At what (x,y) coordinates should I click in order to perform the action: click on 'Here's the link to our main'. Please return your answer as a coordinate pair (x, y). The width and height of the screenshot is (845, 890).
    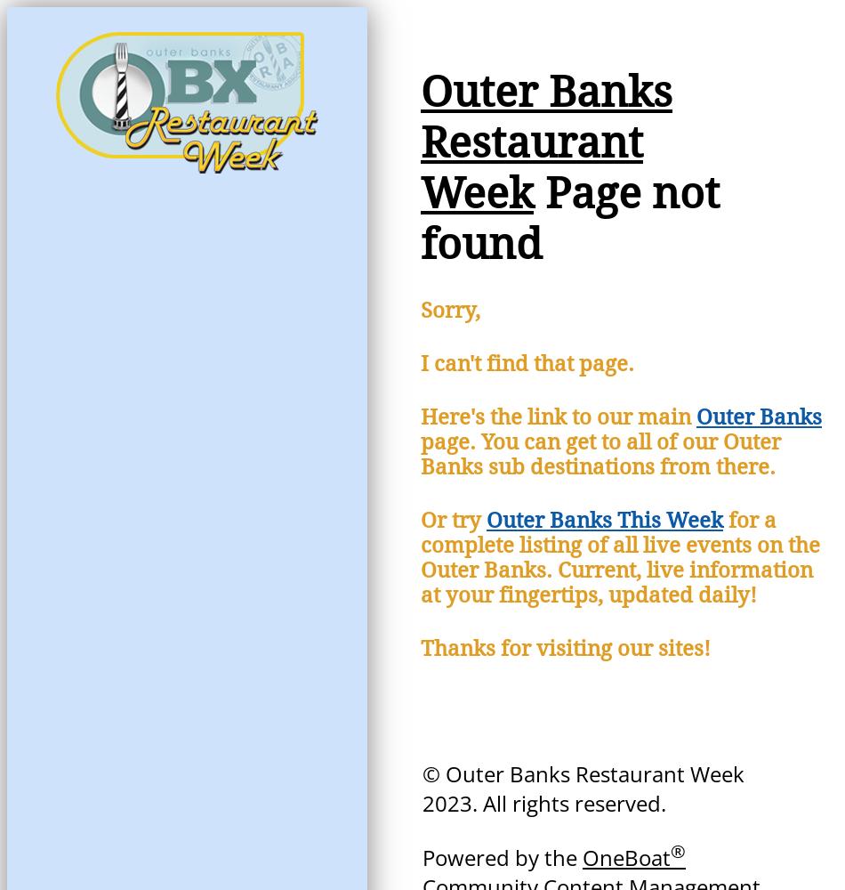
    Looking at the image, I should click on (559, 417).